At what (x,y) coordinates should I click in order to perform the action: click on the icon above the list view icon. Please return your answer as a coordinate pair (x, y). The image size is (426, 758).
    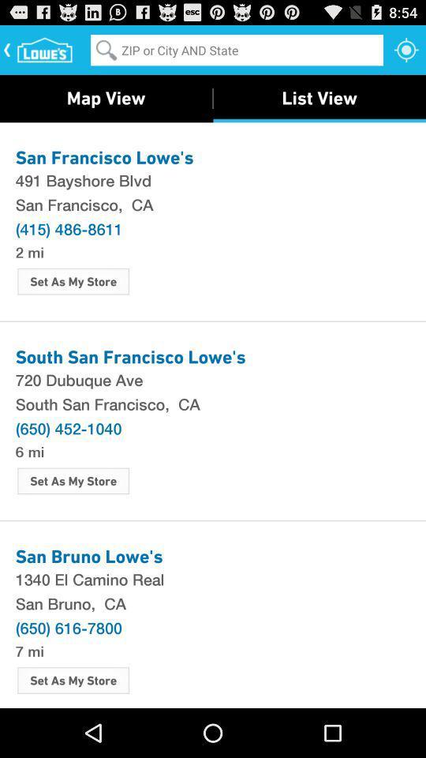
    Looking at the image, I should click on (406, 49).